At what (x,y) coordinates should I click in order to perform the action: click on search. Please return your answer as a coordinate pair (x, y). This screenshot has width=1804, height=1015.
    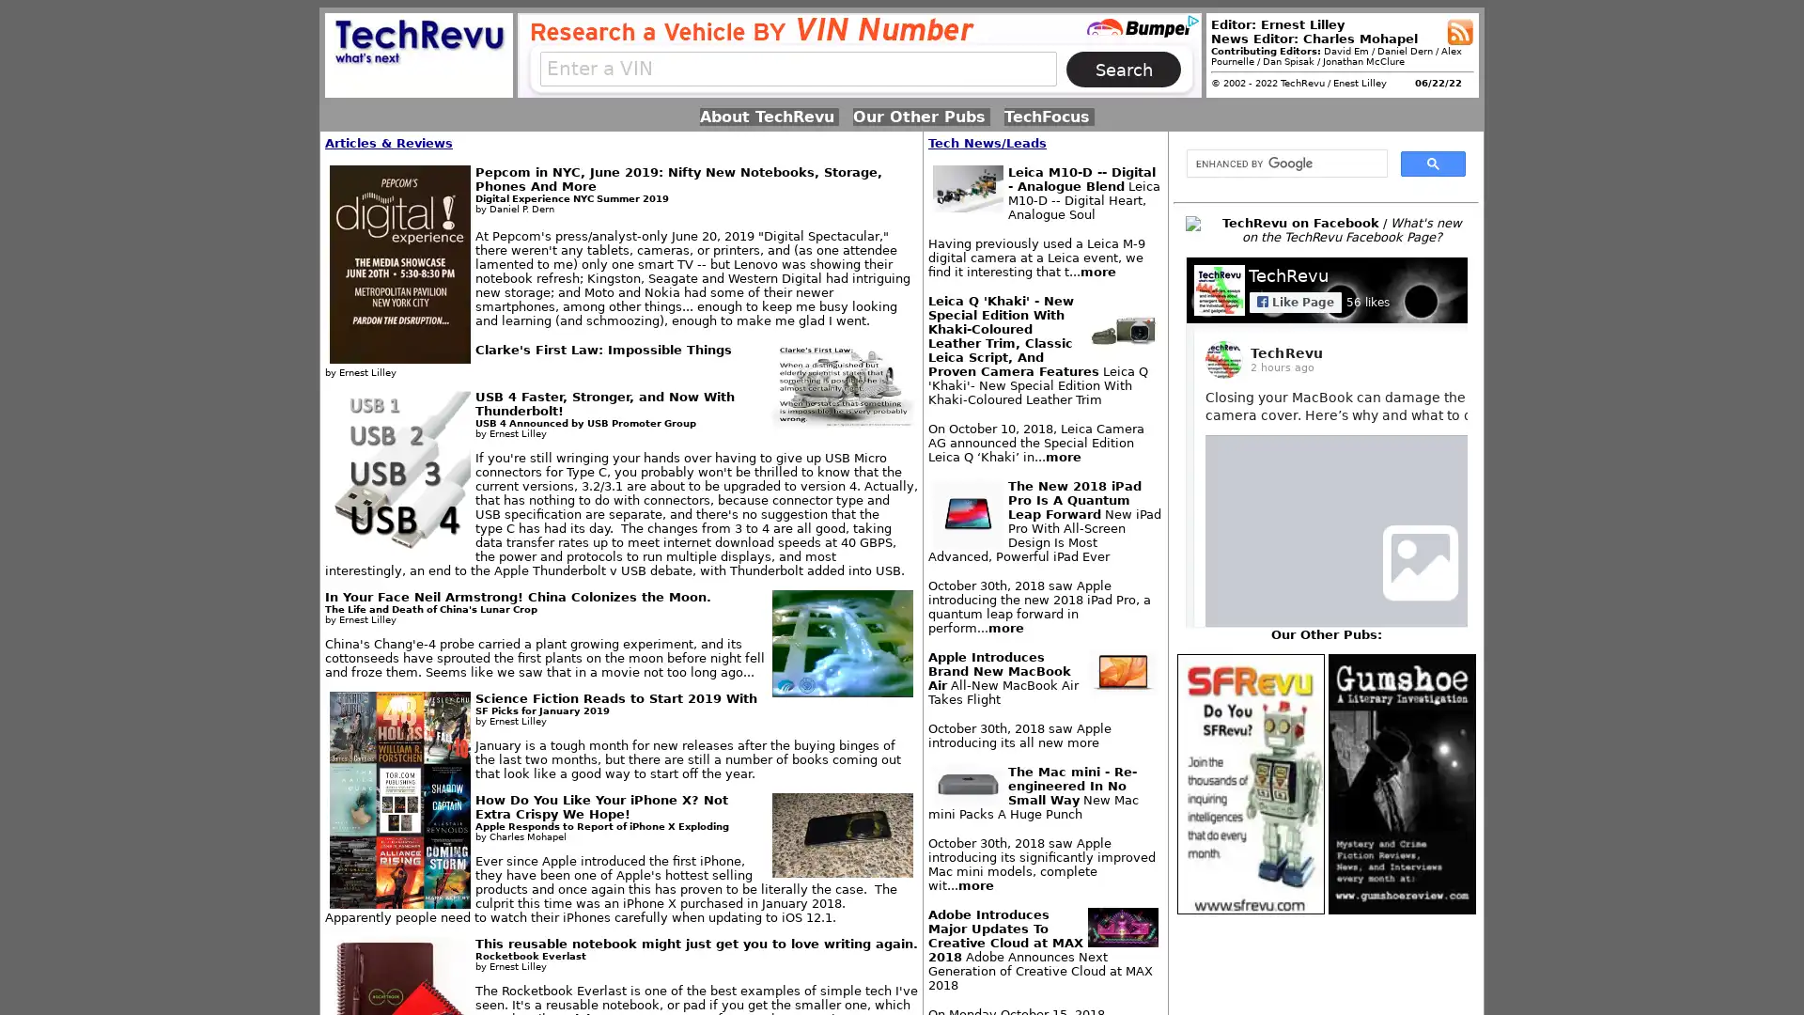
    Looking at the image, I should click on (1432, 162).